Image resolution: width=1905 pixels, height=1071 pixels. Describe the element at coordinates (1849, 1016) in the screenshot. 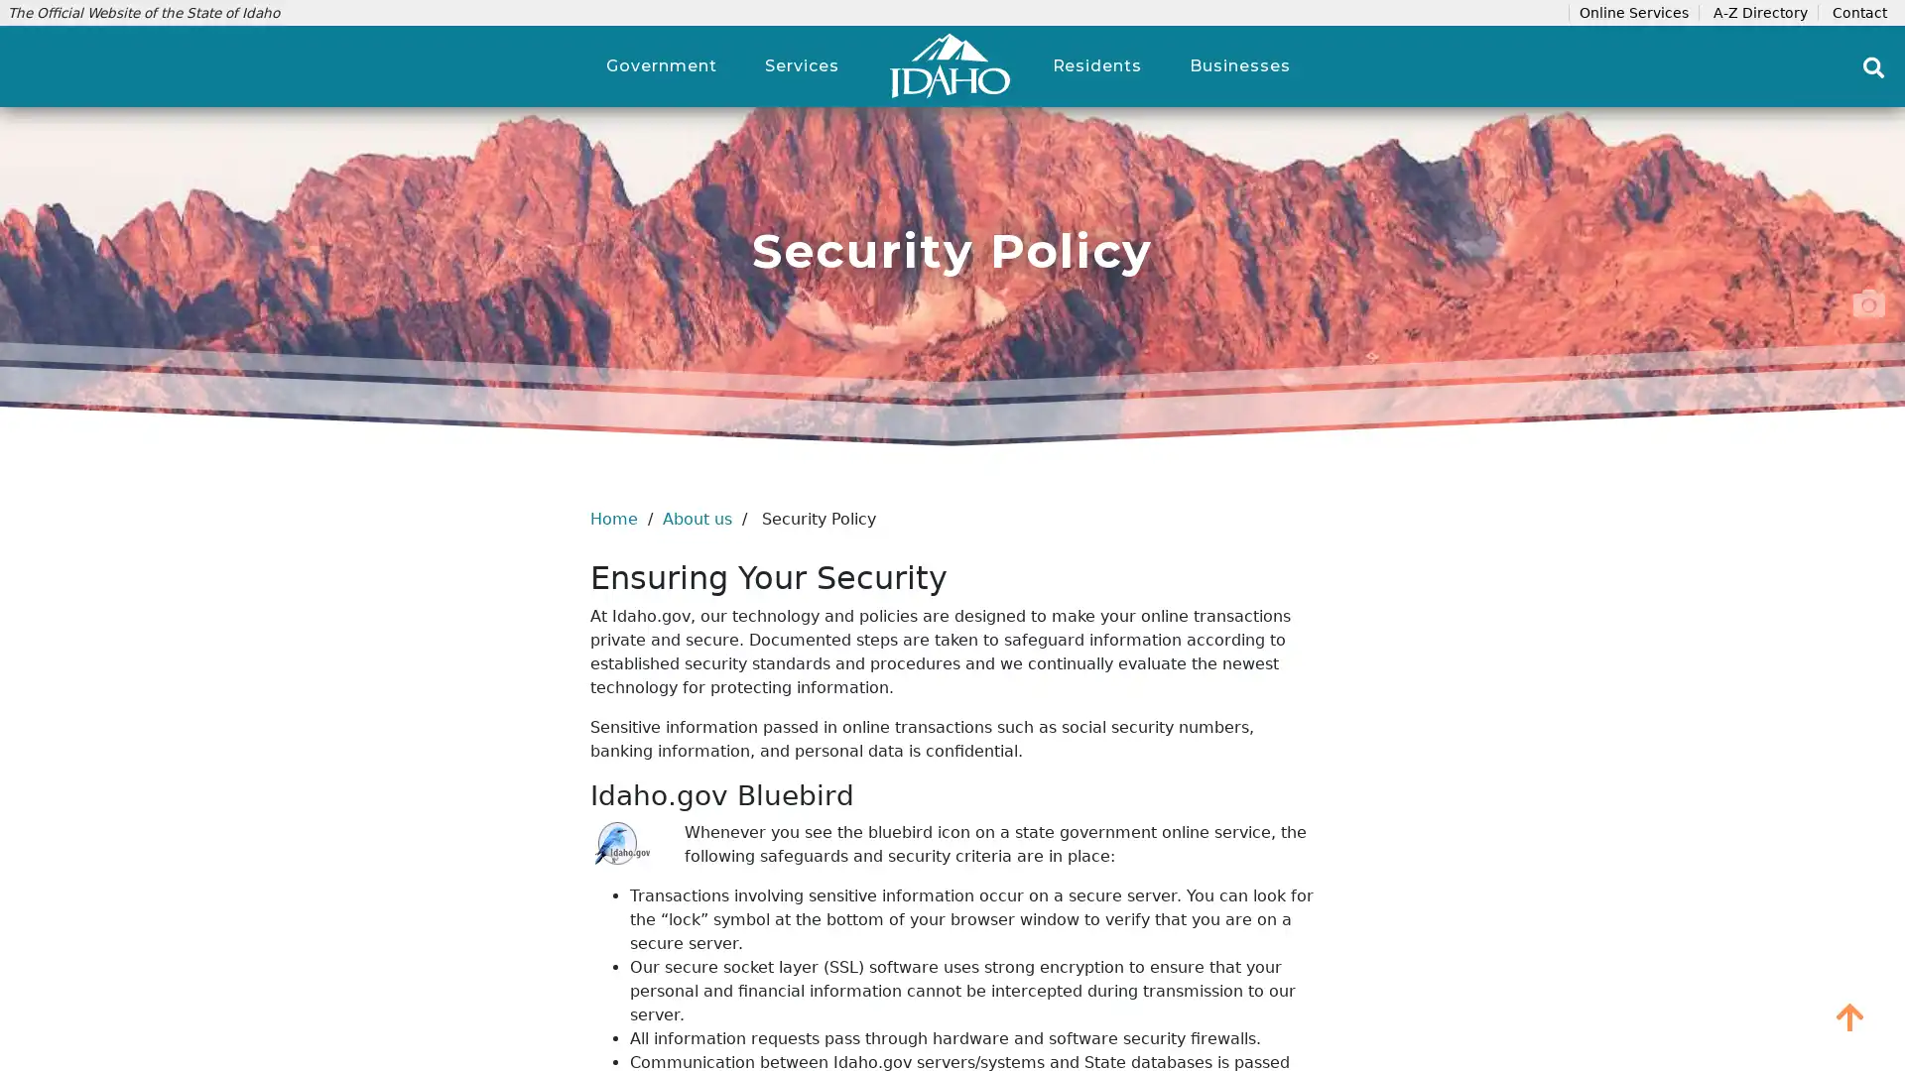

I see `Jump back to top of page button` at that location.